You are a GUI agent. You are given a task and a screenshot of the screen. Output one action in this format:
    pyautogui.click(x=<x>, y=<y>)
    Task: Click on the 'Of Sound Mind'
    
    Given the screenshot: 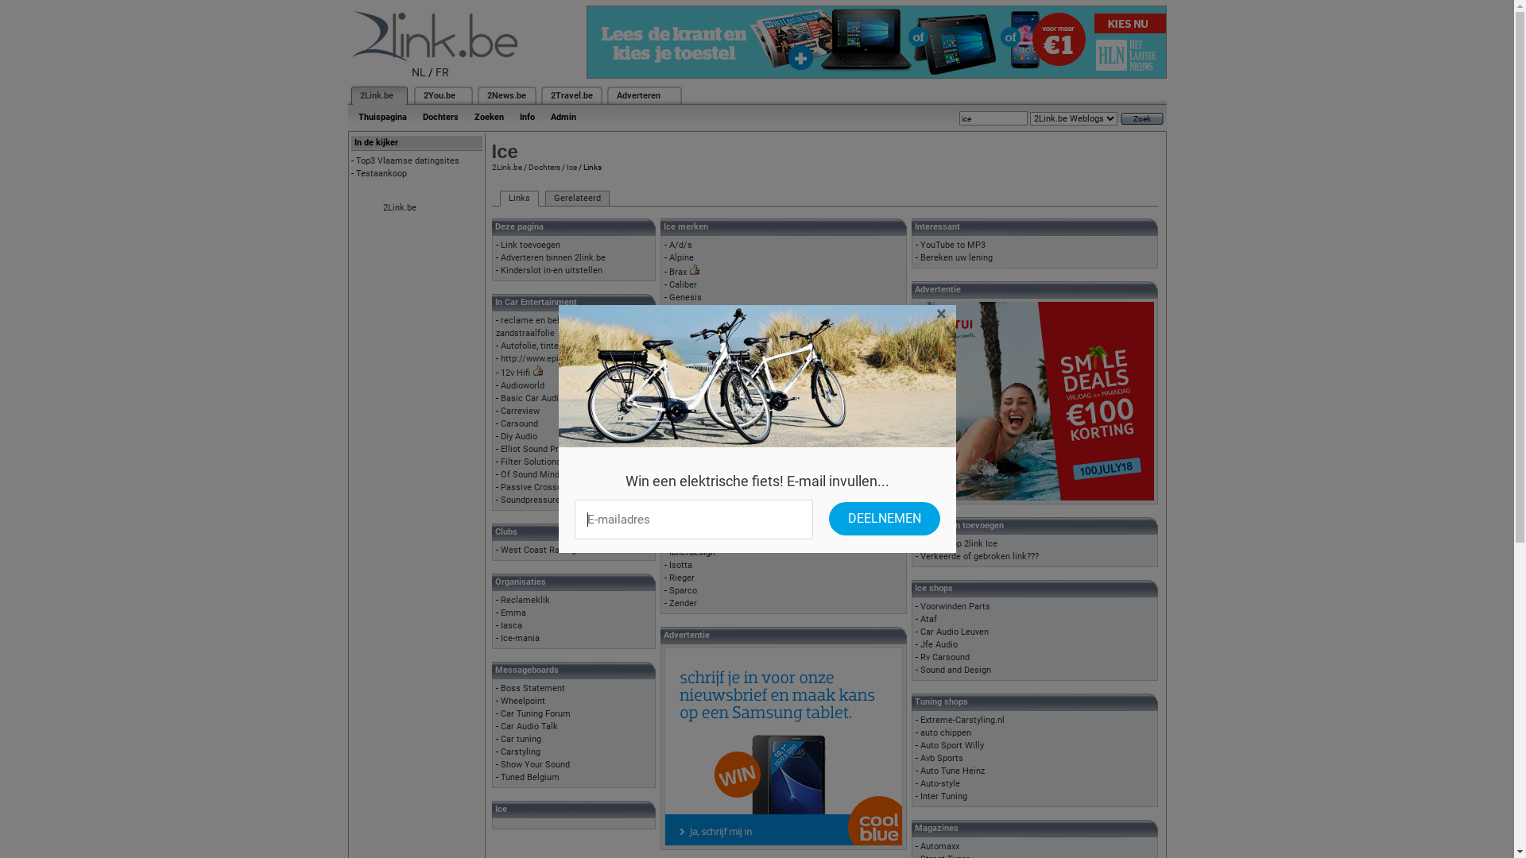 What is the action you would take?
    pyautogui.click(x=530, y=473)
    